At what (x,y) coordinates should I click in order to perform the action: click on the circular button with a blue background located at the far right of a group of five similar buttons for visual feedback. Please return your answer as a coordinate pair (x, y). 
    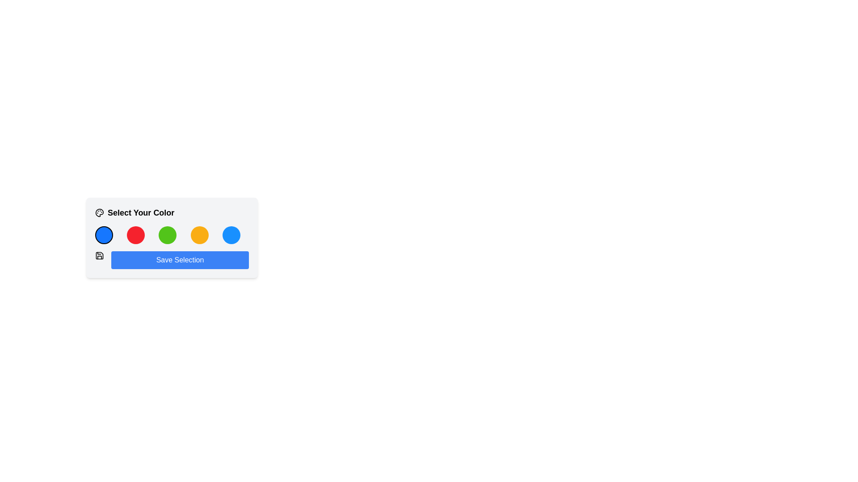
    Looking at the image, I should click on (231, 235).